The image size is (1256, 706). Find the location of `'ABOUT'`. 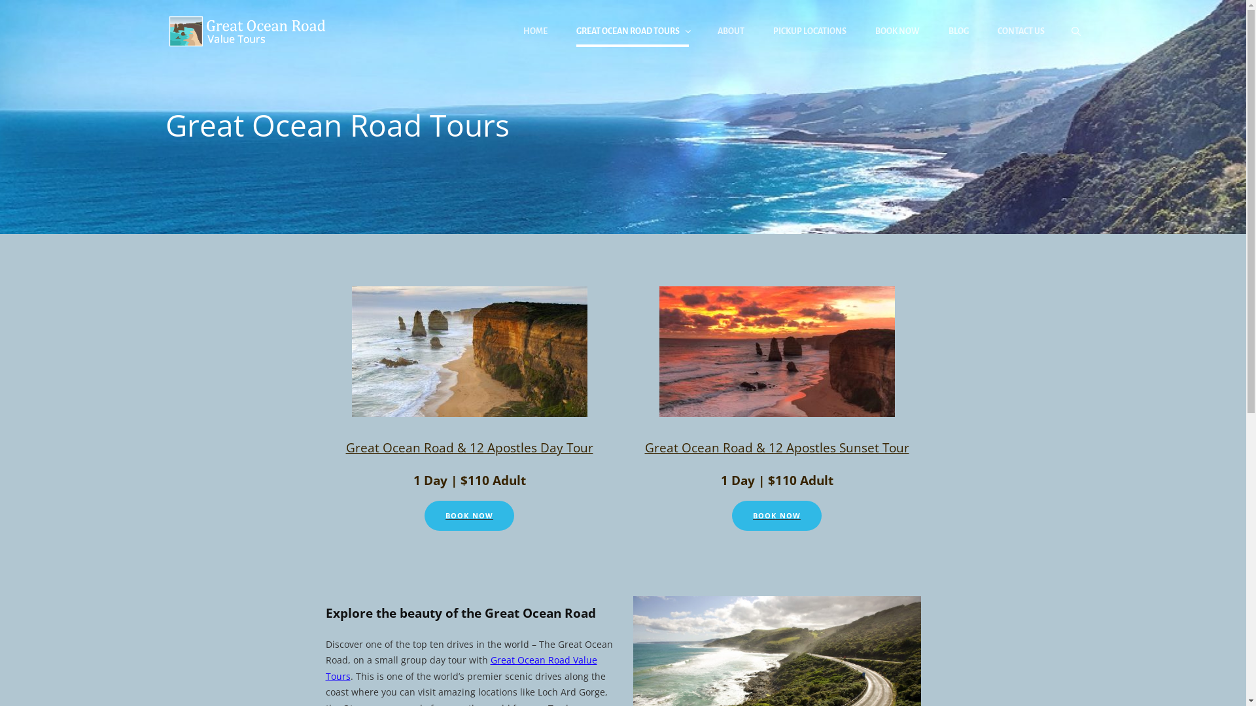

'ABOUT' is located at coordinates (729, 30).